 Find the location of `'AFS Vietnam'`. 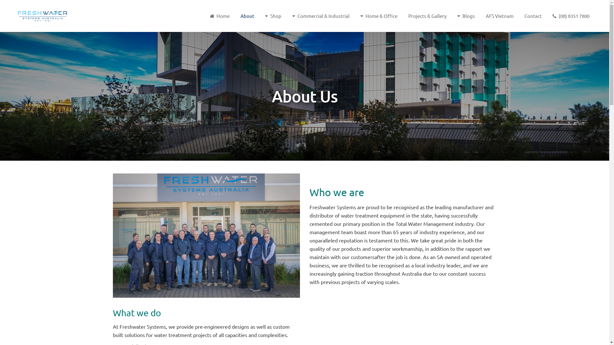

'AFS Vietnam' is located at coordinates (499, 16).